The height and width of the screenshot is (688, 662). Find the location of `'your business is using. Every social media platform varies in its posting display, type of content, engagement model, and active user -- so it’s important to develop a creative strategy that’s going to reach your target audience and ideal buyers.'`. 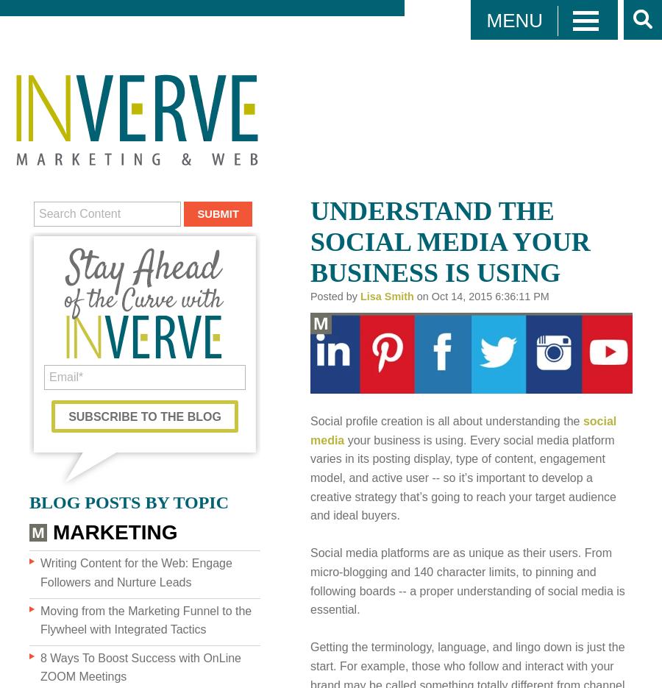

'your business is using. Every social media platform varies in its posting display, type of content, engagement model, and active user -- so it’s important to develop a creative strategy that’s going to reach your target audience and ideal buyers.' is located at coordinates (463, 477).